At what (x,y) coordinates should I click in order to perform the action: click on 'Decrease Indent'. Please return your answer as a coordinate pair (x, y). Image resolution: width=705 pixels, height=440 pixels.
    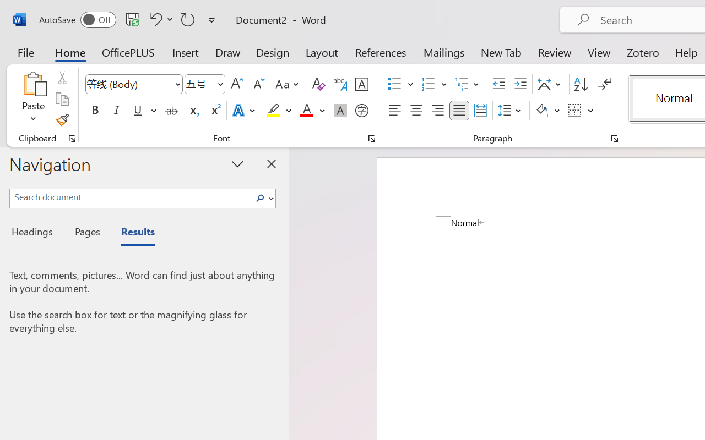
    Looking at the image, I should click on (498, 84).